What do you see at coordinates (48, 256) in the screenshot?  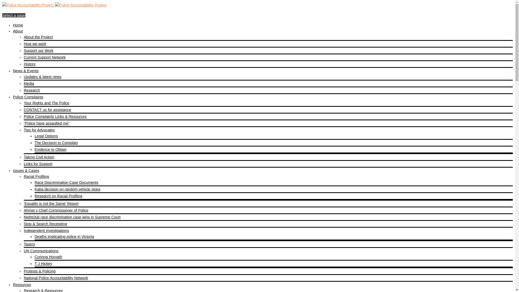 I see `'Corinna Horvath'` at bounding box center [48, 256].